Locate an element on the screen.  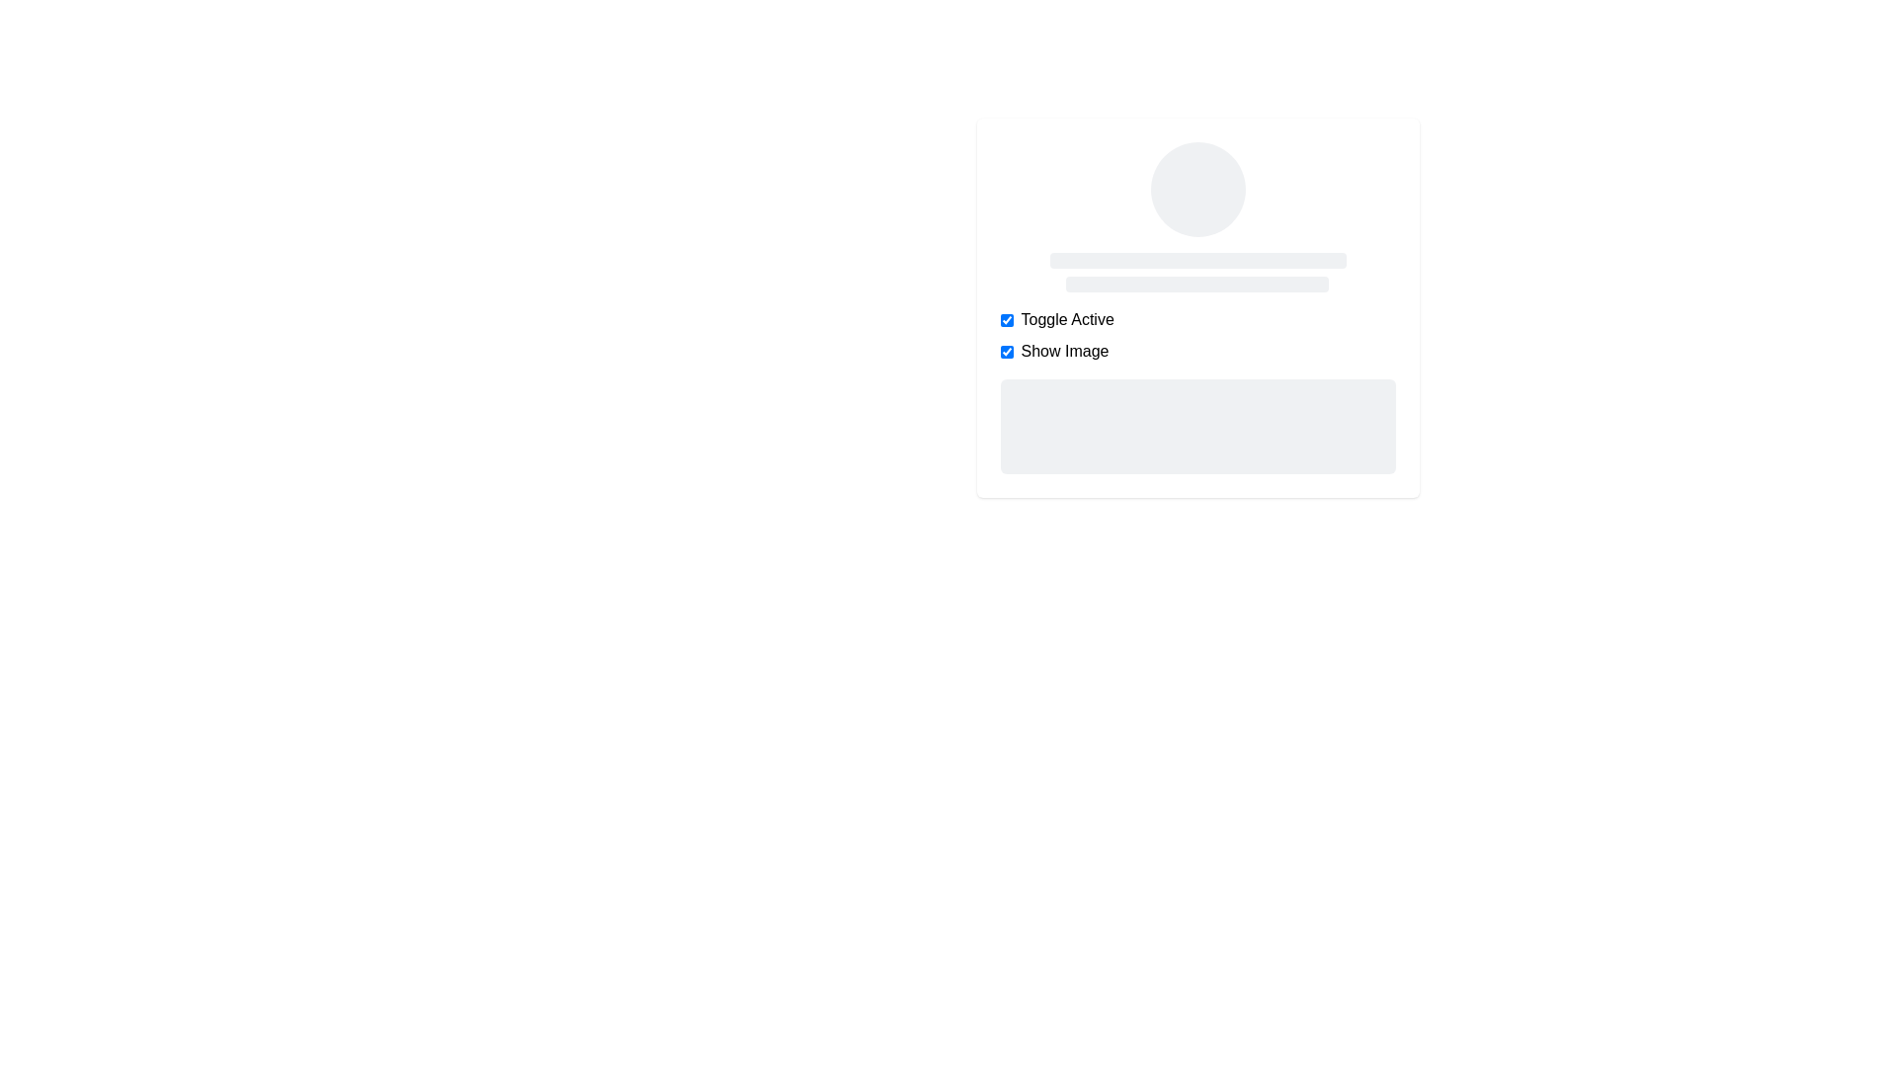
the interactive checkbox with a blue background and a white checkmark, which is located to the left of the 'Toggle Active' label is located at coordinates (1006, 319).